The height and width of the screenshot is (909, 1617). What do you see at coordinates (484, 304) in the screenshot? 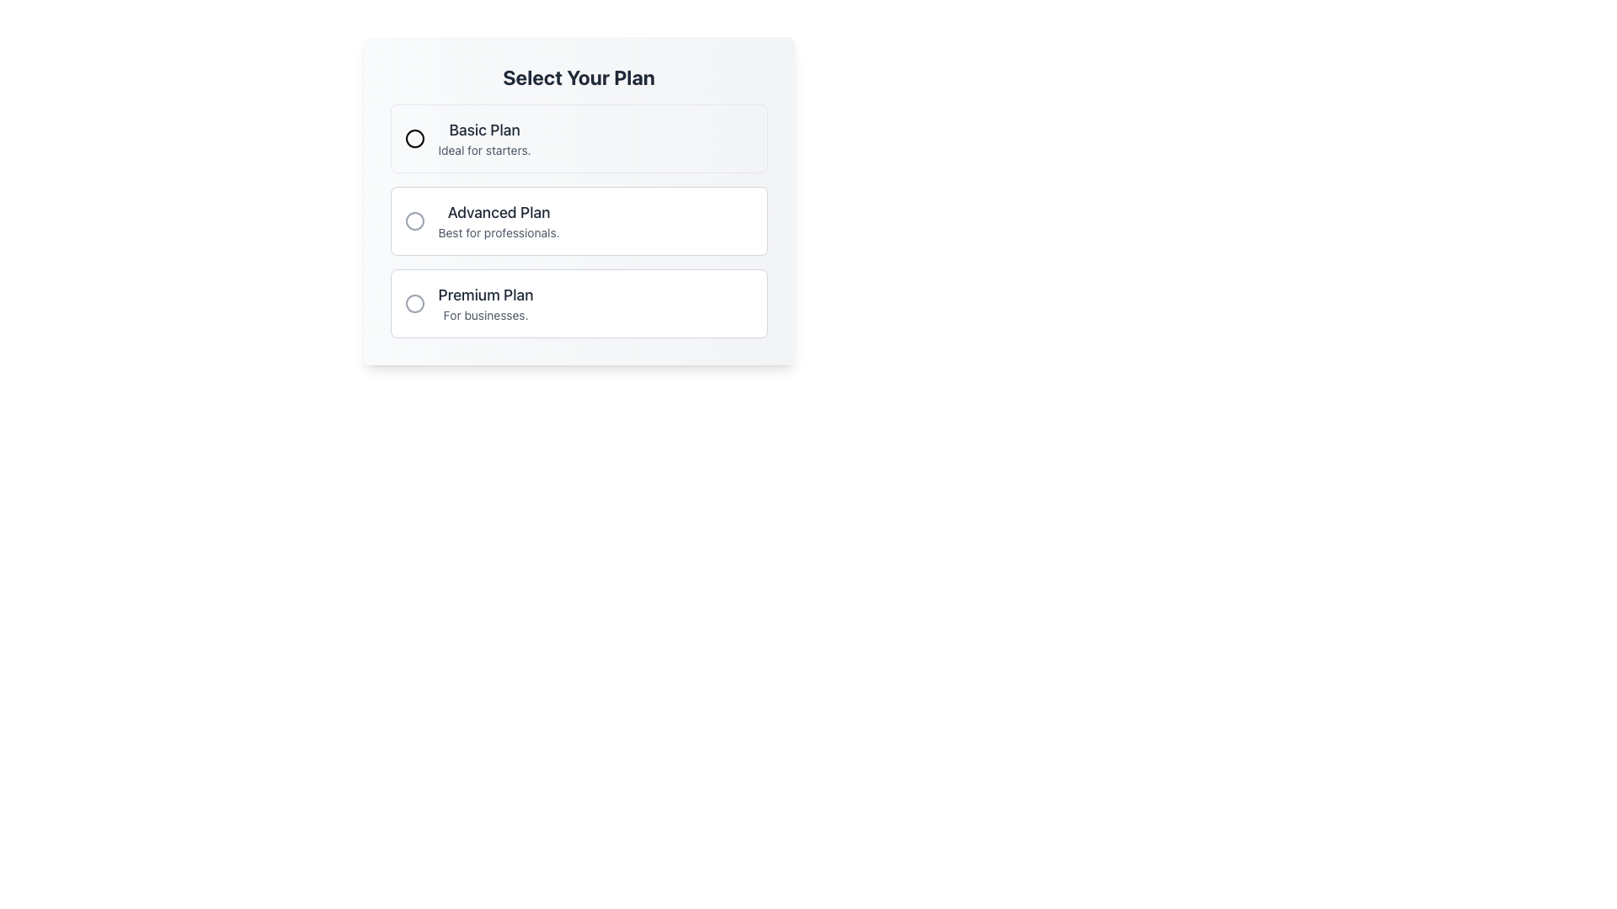
I see `the static text label that displays the name and description of the third selectable plan option within the 'Select Your Plan' section, located below the 'Advanced Plan' card` at bounding box center [484, 304].